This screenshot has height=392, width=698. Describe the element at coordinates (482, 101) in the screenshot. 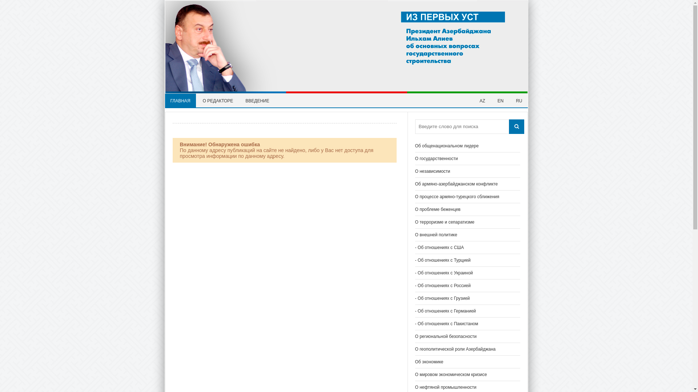

I see `'AZ'` at that location.